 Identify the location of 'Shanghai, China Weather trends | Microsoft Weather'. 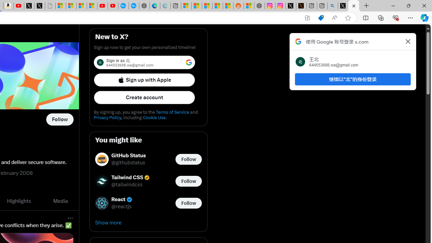
(228, 6).